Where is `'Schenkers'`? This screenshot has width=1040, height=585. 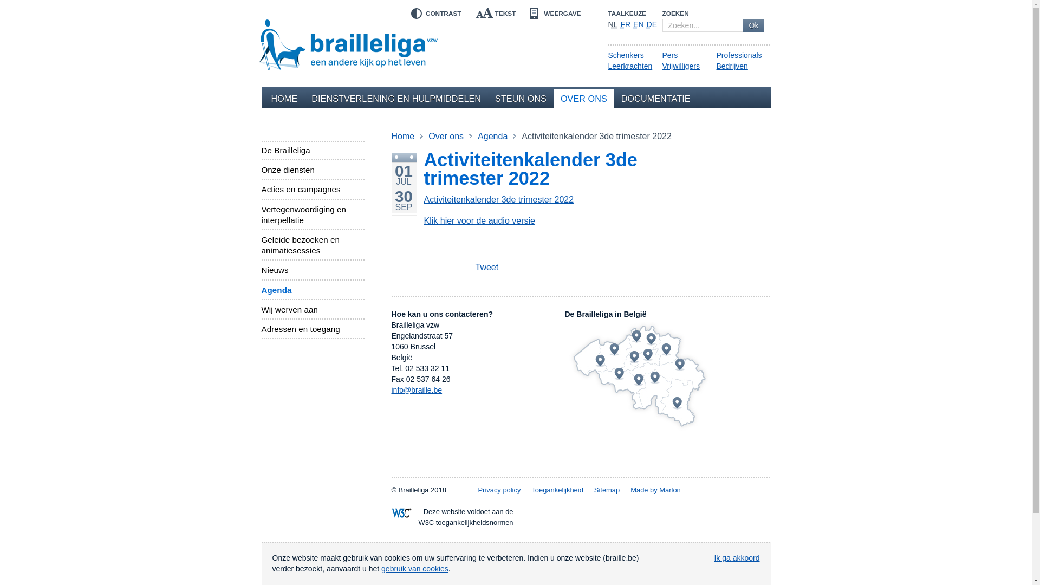
'Schenkers' is located at coordinates (626, 55).